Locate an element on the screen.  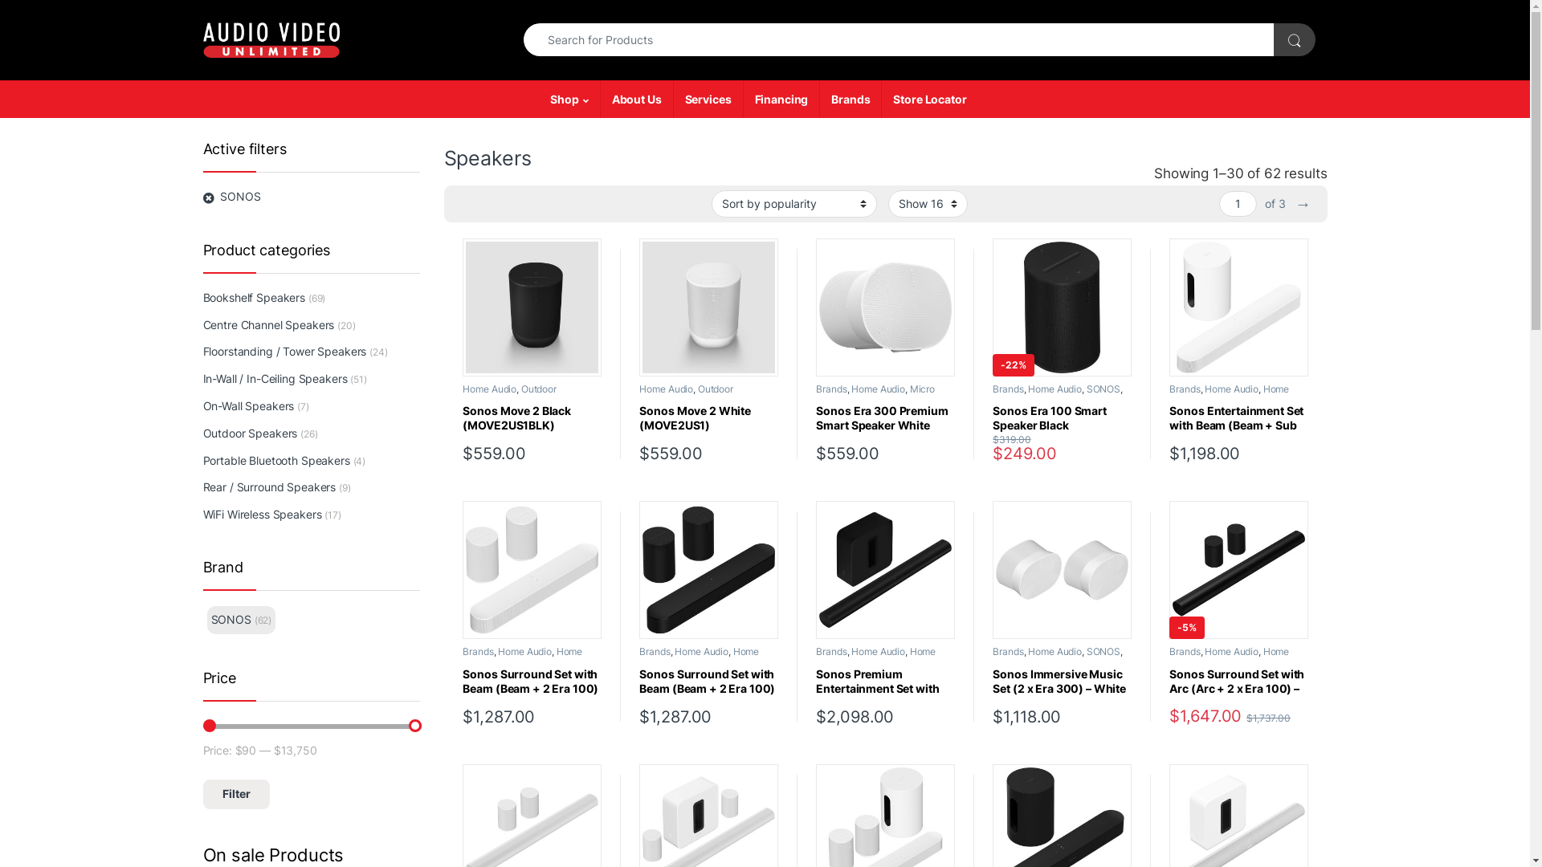
'WiFi Wireless Speakers' is located at coordinates (262, 514).